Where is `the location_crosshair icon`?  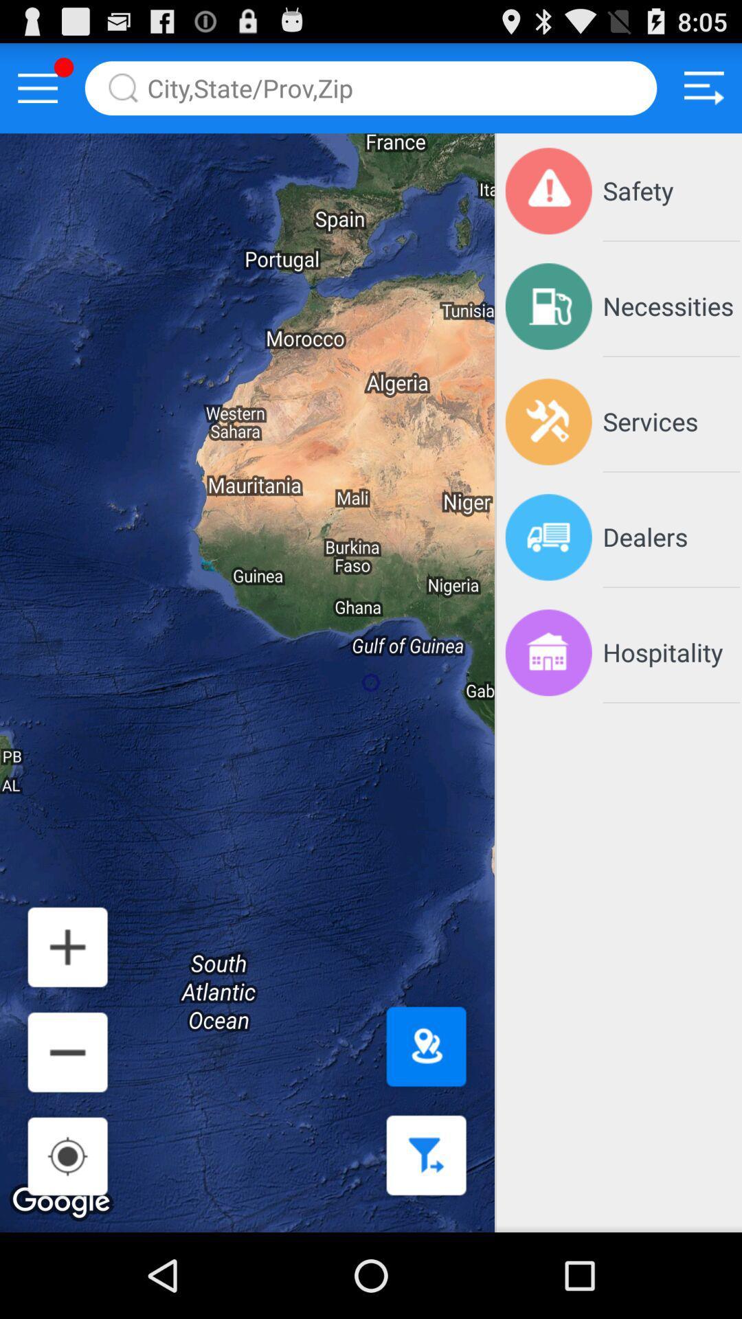 the location_crosshair icon is located at coordinates (67, 1237).